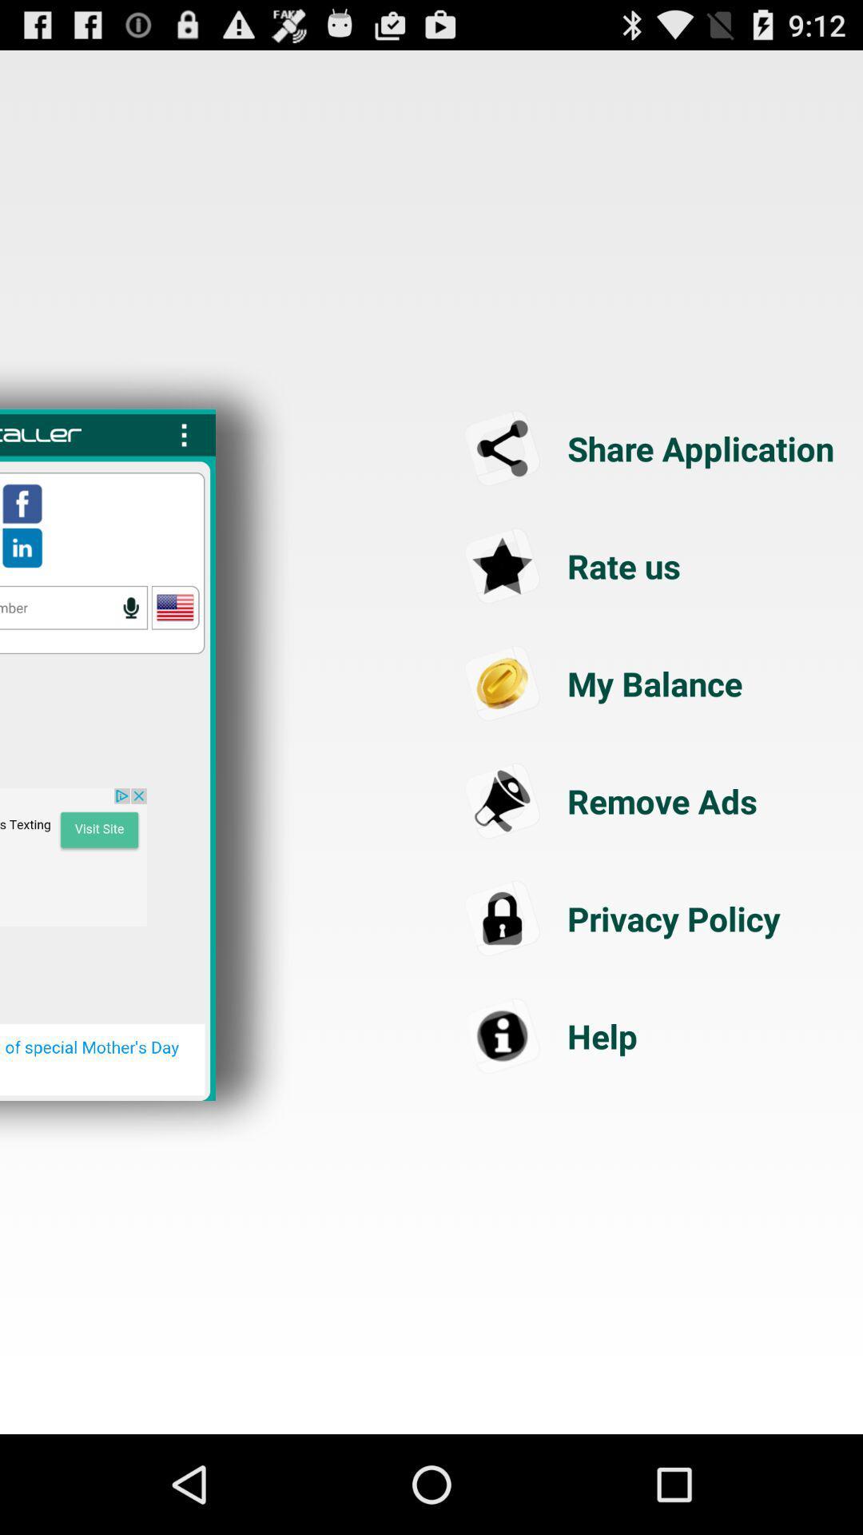 The height and width of the screenshot is (1535, 863). I want to click on the font icon, so click(652, 731).